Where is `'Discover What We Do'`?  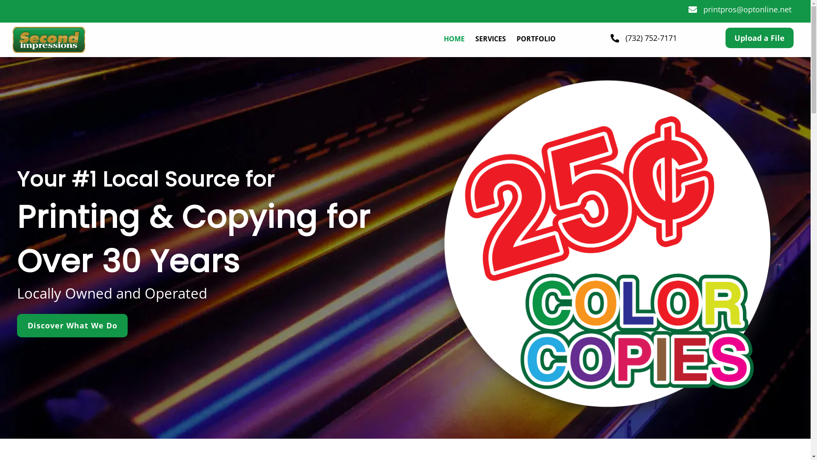 'Discover What We Do' is located at coordinates (72, 325).